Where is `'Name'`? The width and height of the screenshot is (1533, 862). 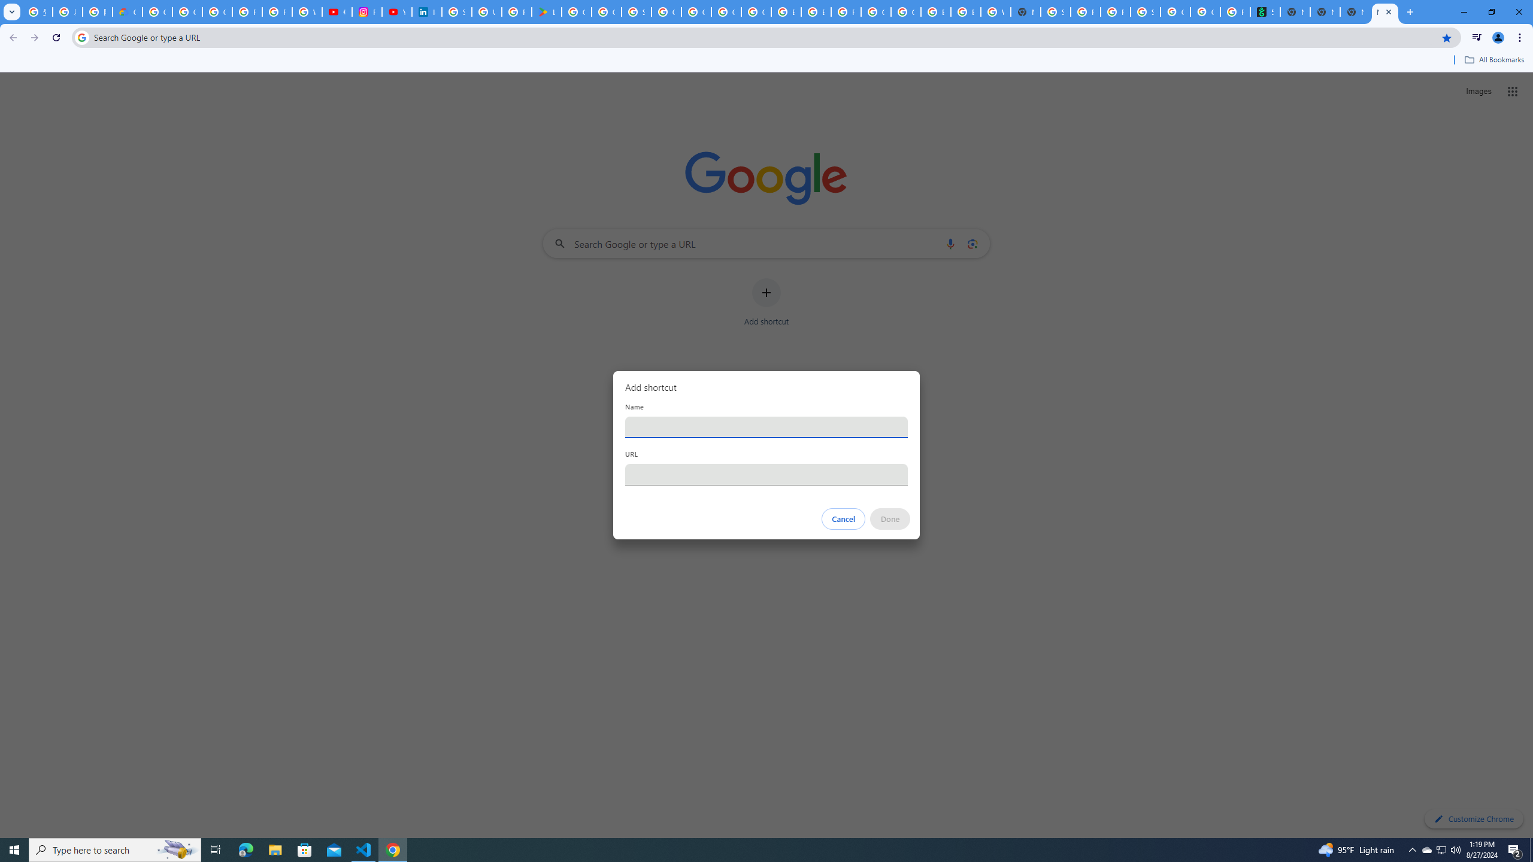
'Name' is located at coordinates (766, 426).